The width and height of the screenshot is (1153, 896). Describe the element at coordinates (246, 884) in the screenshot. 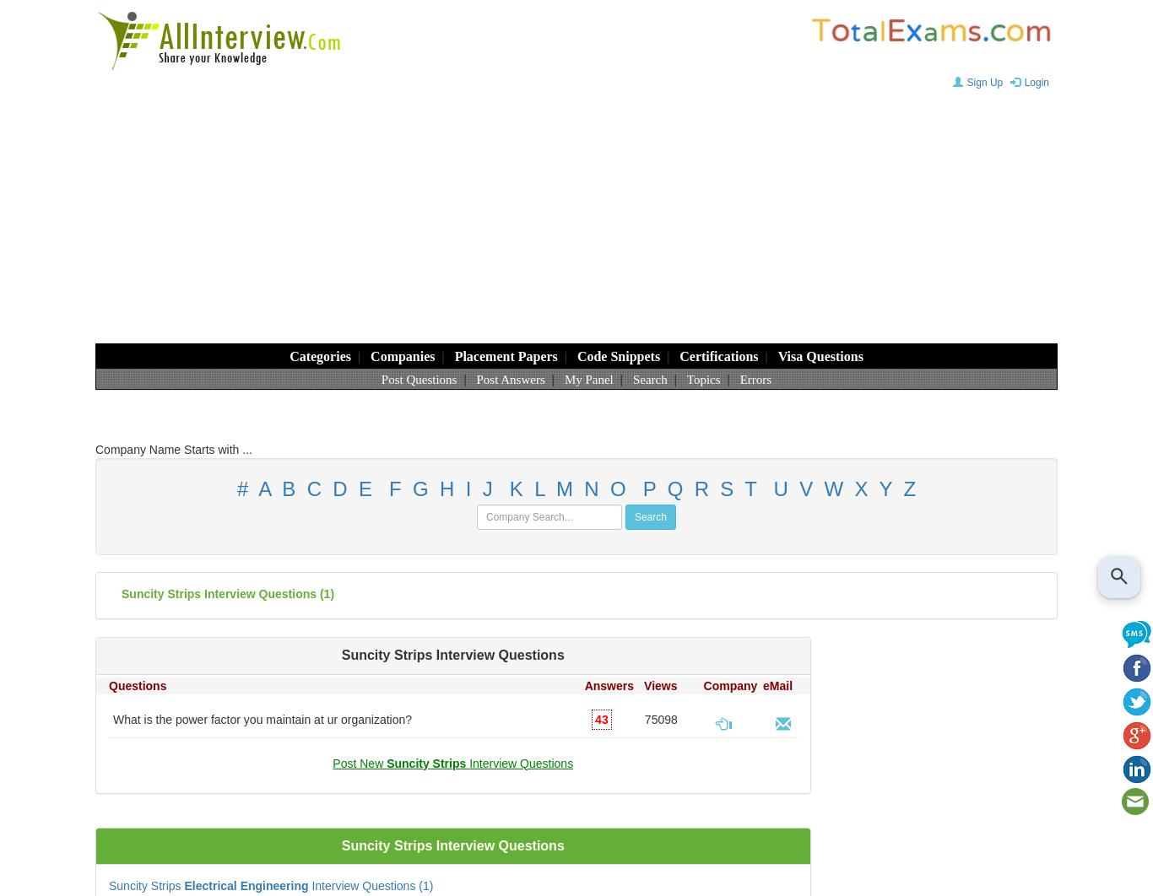

I see `'Electrical Engineering'` at that location.